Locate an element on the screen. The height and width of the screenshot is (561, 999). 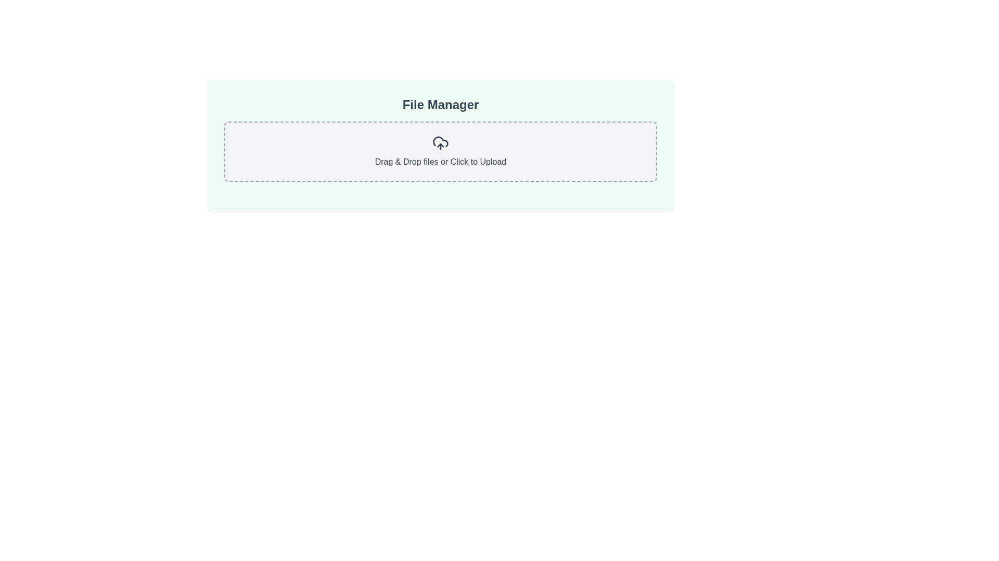
the central panel of the Drag-and-drop file upload interface that has a light green background and contains the heading 'File Manager' is located at coordinates (440, 145).